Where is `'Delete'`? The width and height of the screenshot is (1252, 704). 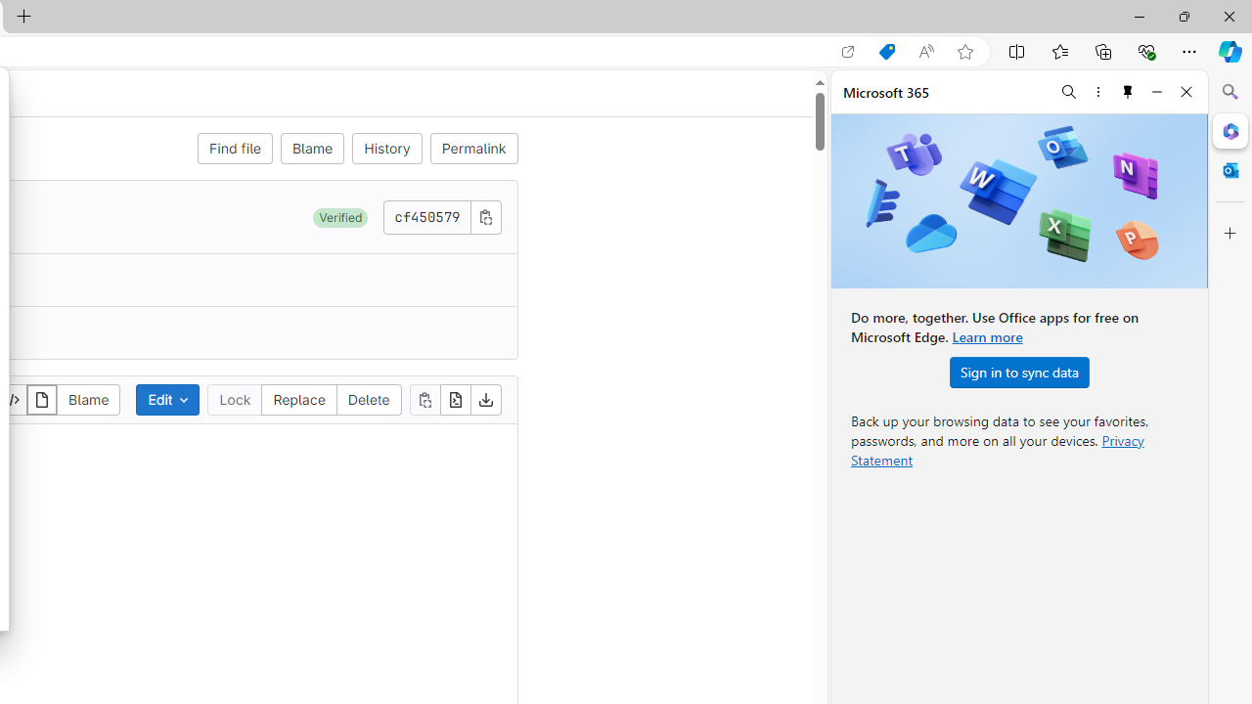 'Delete' is located at coordinates (368, 398).